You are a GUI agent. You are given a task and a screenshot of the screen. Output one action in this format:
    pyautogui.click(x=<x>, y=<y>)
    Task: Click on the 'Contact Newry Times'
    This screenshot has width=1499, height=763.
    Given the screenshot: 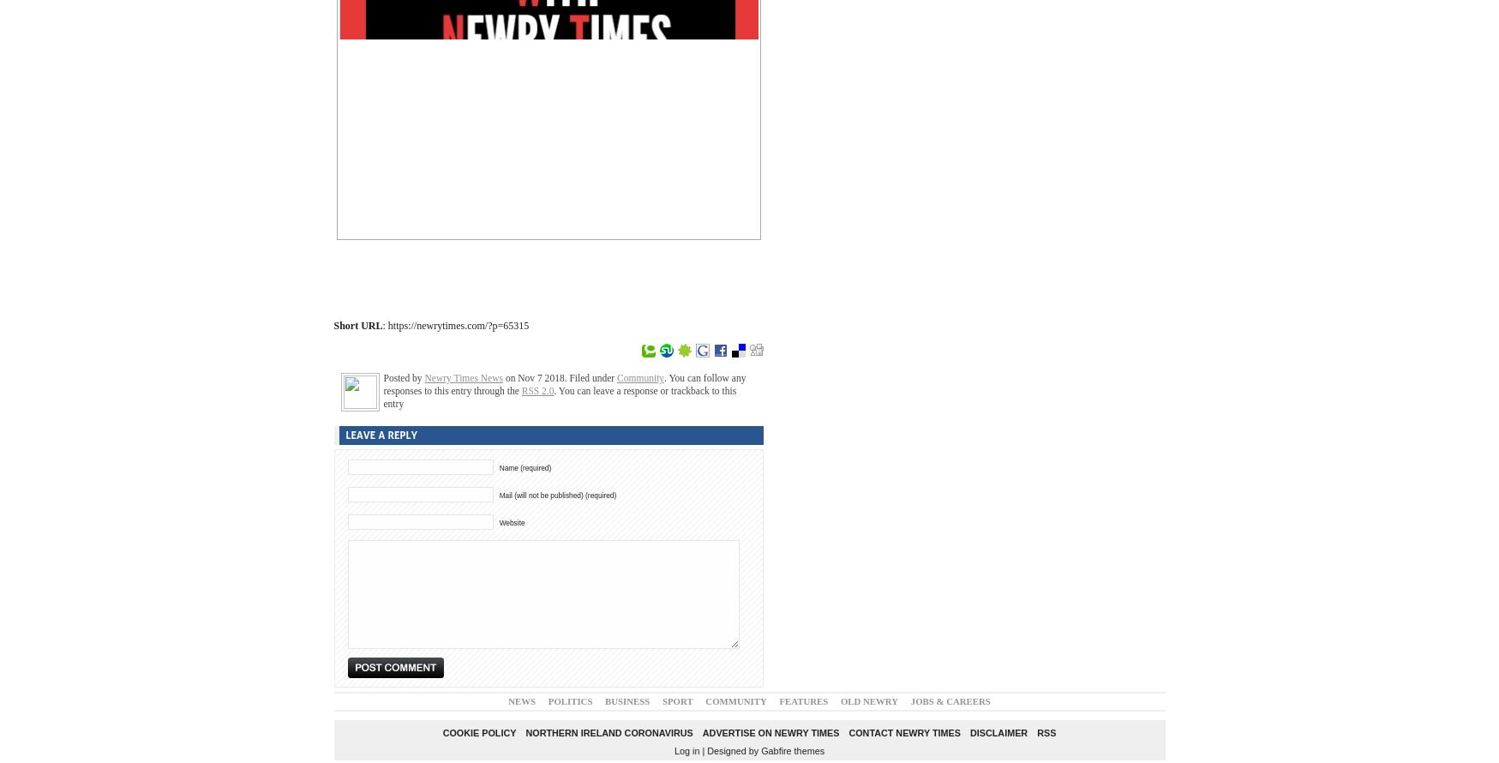 What is the action you would take?
    pyautogui.click(x=847, y=732)
    